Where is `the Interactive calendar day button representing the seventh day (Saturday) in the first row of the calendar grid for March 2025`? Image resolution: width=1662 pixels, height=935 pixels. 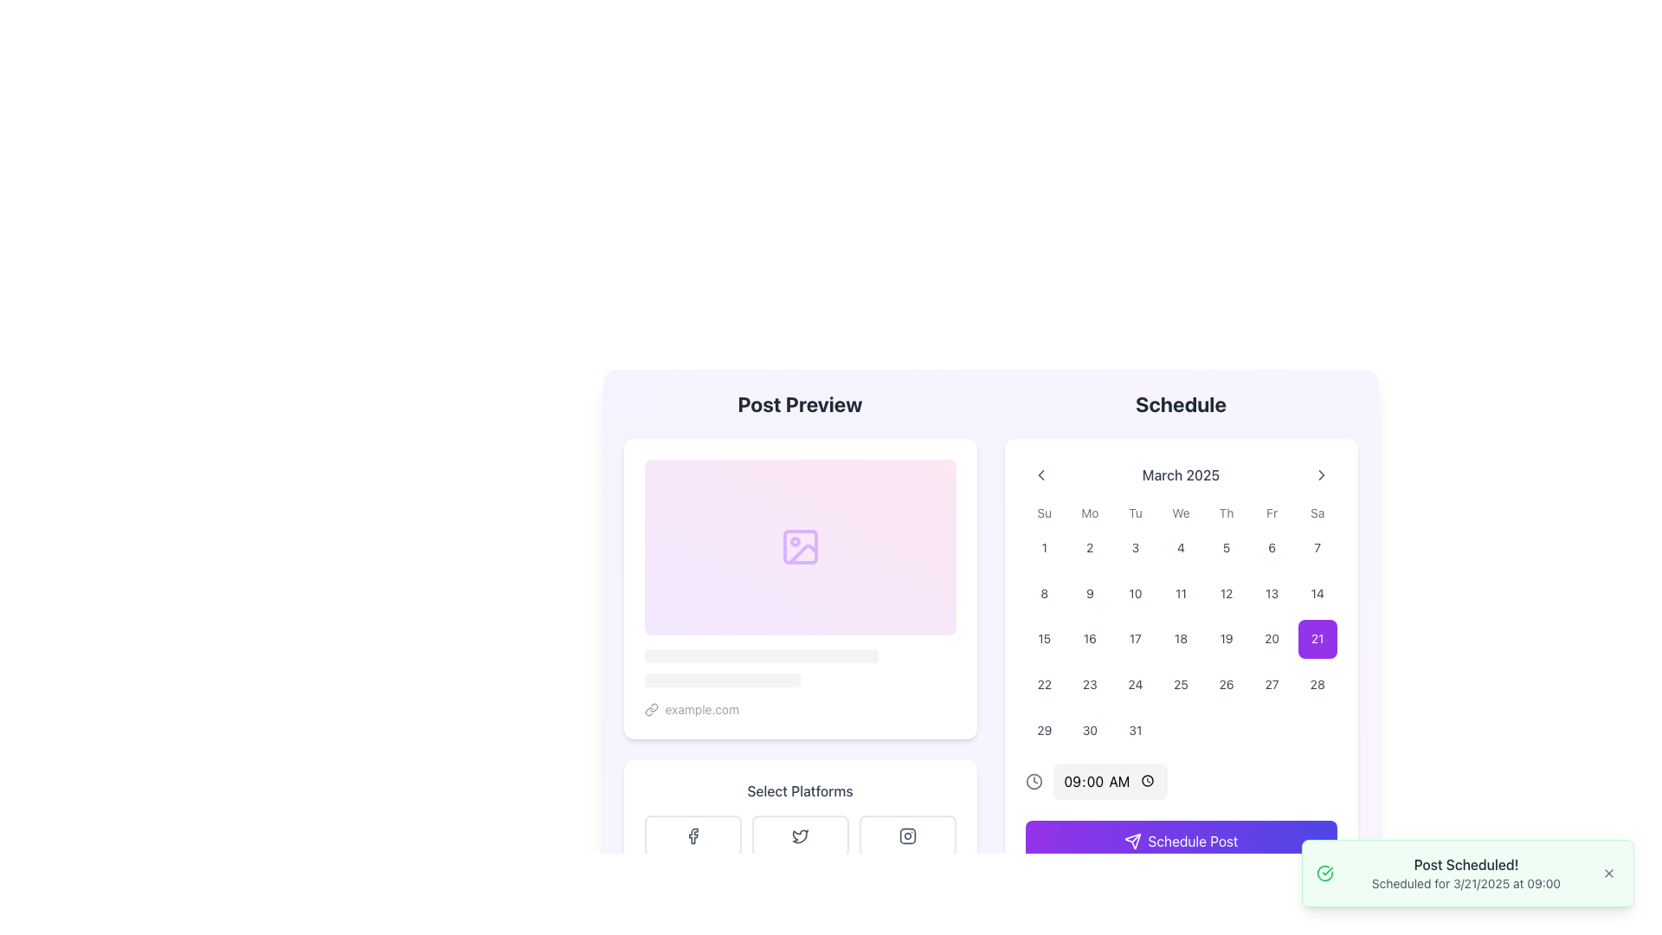
the Interactive calendar day button representing the seventh day (Saturday) in the first row of the calendar grid for March 2025 is located at coordinates (1317, 548).